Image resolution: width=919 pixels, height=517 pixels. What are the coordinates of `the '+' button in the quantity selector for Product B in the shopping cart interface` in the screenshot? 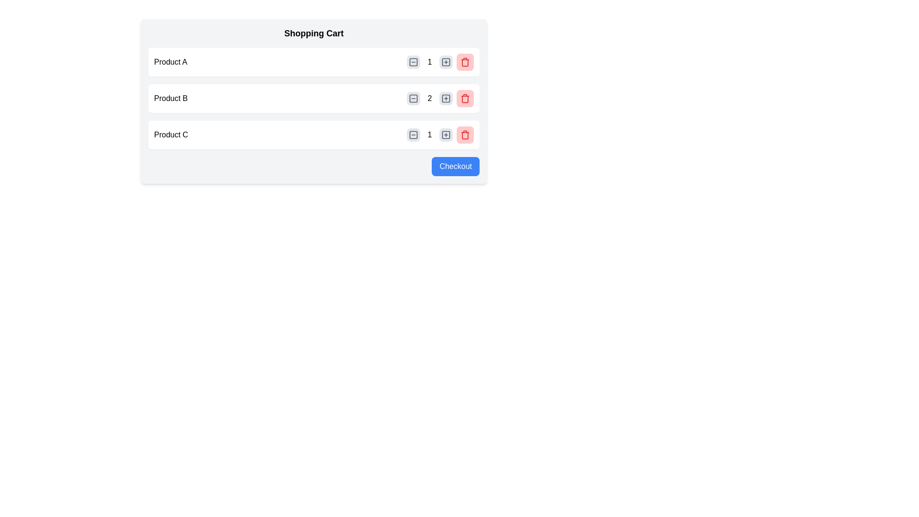 It's located at (445, 98).